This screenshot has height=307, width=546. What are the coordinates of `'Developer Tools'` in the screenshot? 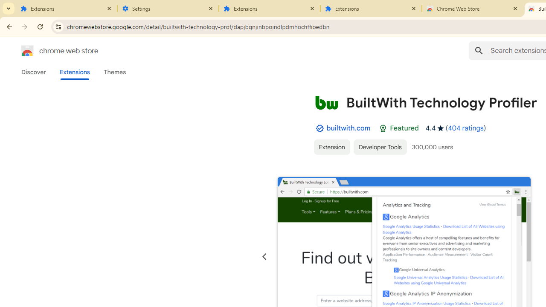 It's located at (379, 146).